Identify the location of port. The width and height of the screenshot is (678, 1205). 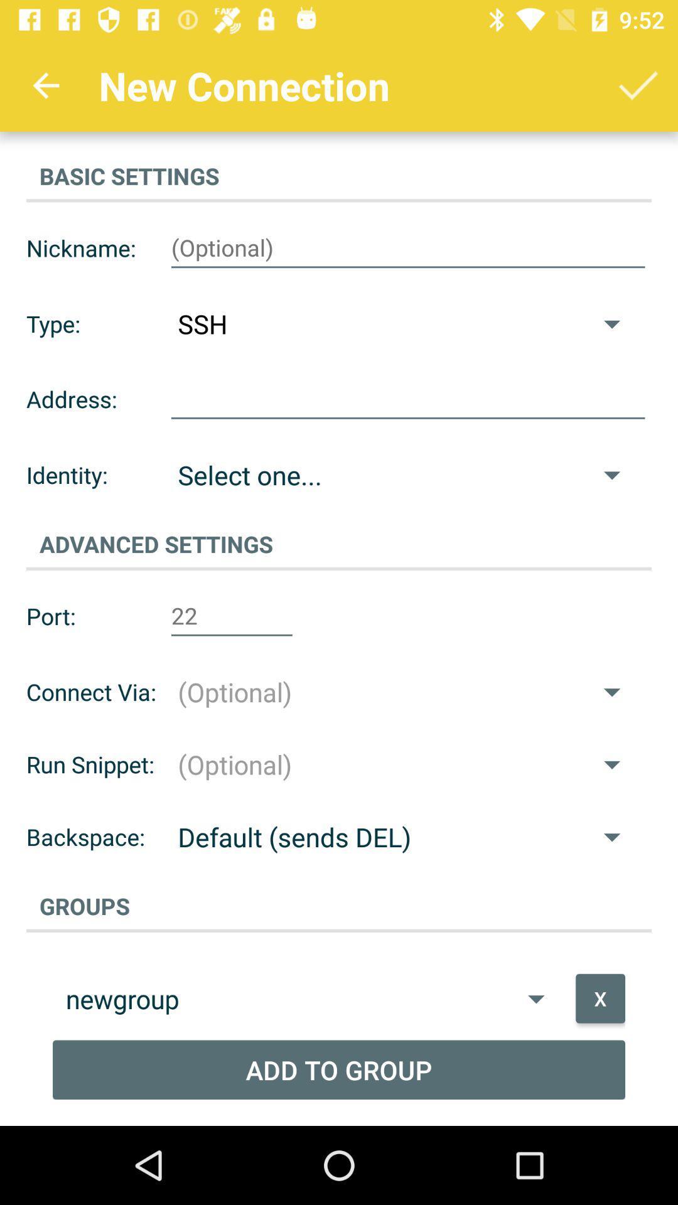
(232, 616).